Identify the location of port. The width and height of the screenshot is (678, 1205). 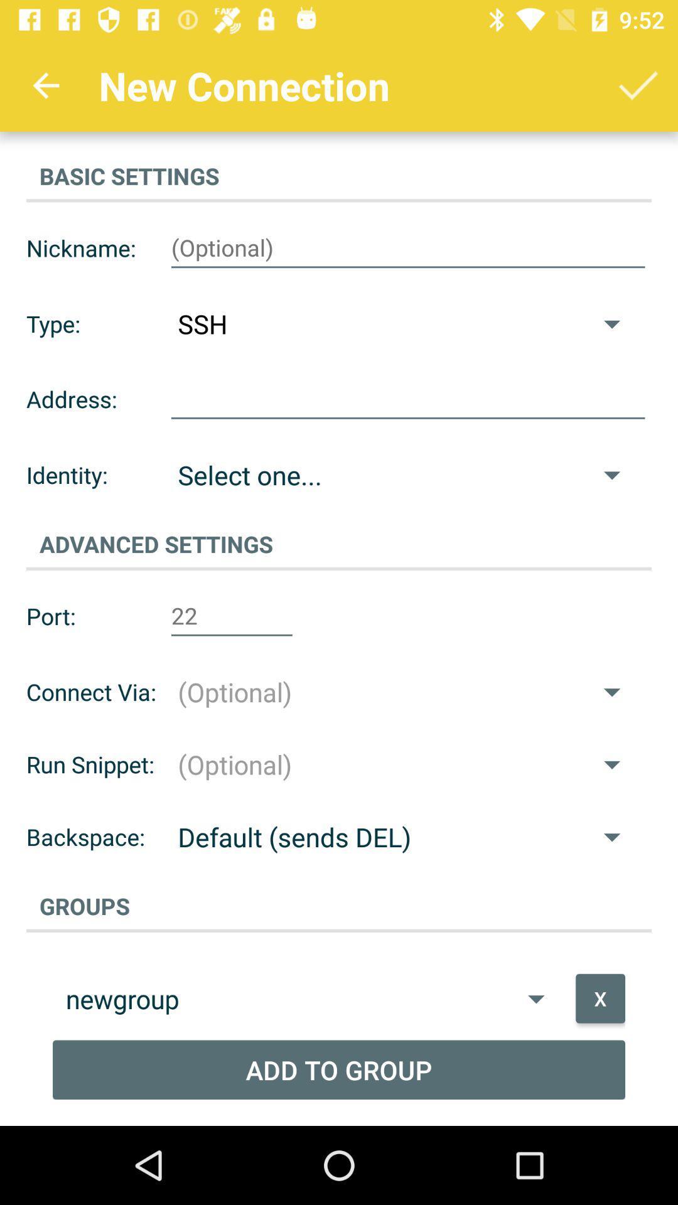
(232, 616).